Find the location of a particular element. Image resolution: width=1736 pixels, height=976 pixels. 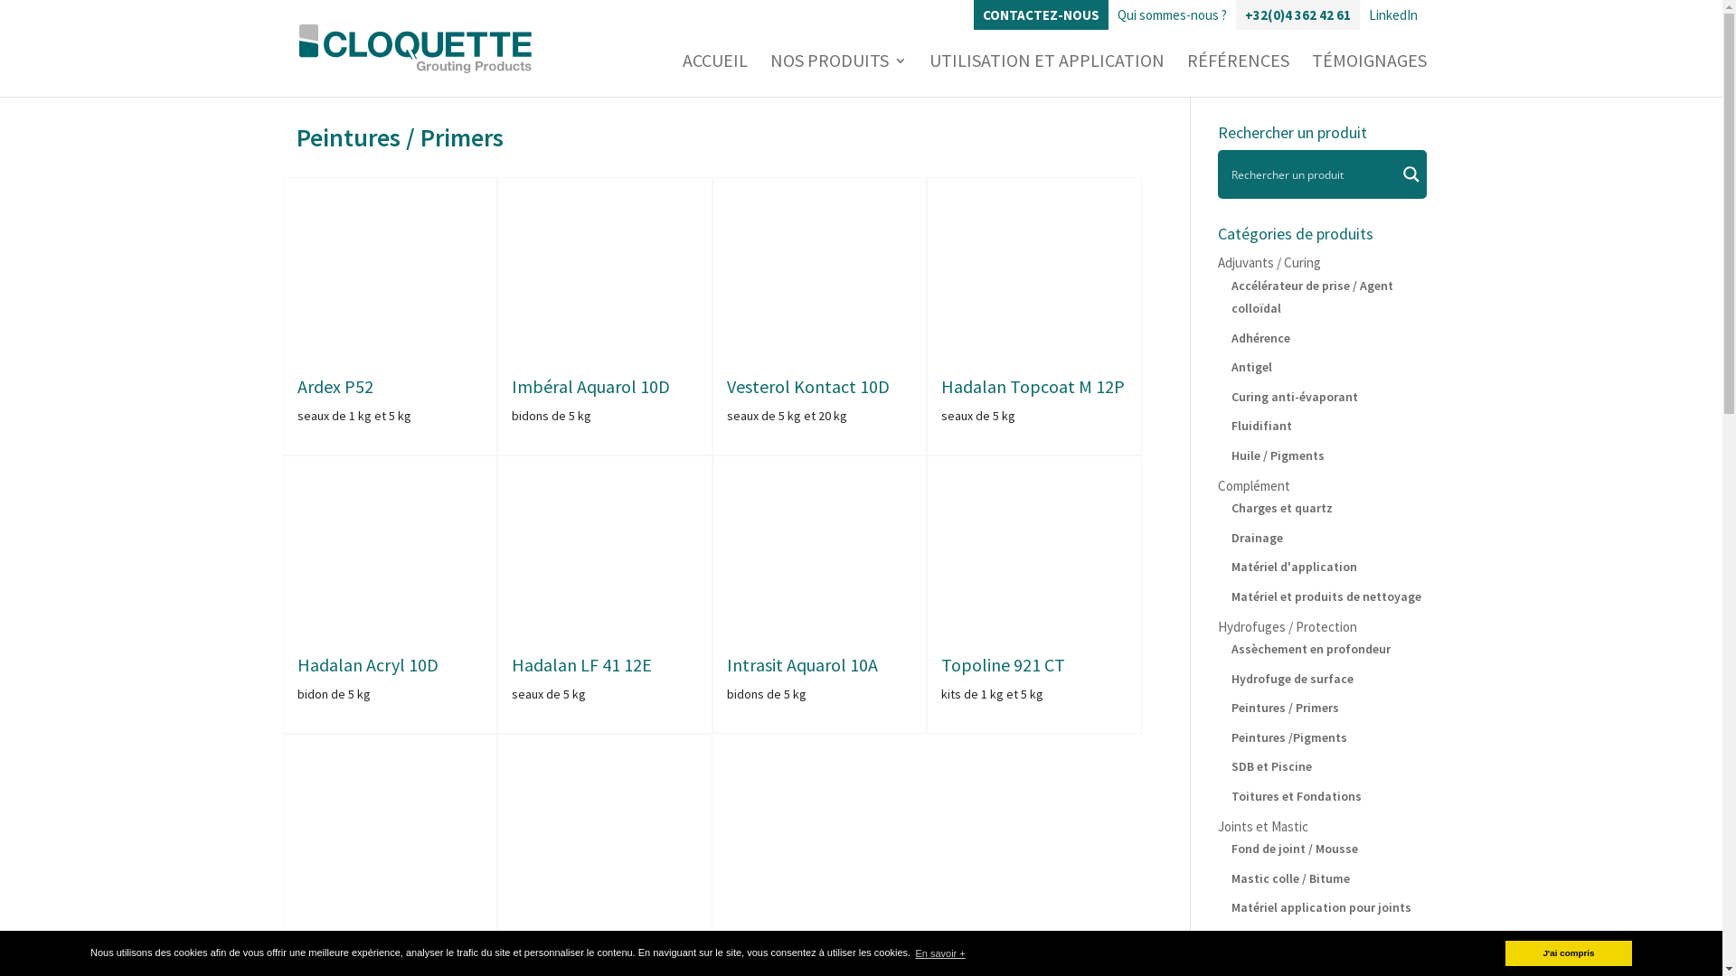

'Ardex P52' is located at coordinates (334, 385).